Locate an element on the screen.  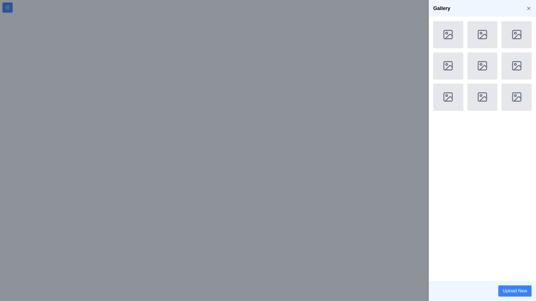
the light gray SVG rectangle with rounded corners is located at coordinates (448, 65).